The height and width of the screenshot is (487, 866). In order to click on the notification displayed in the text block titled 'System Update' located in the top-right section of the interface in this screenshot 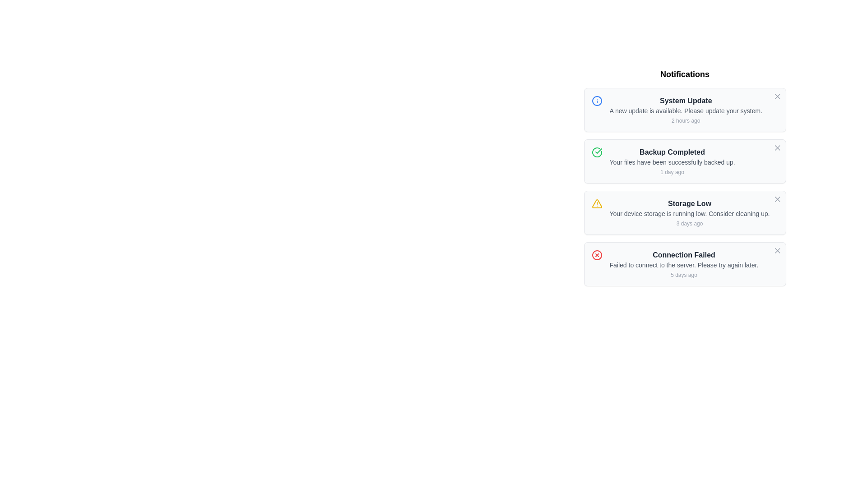, I will do `click(686, 109)`.